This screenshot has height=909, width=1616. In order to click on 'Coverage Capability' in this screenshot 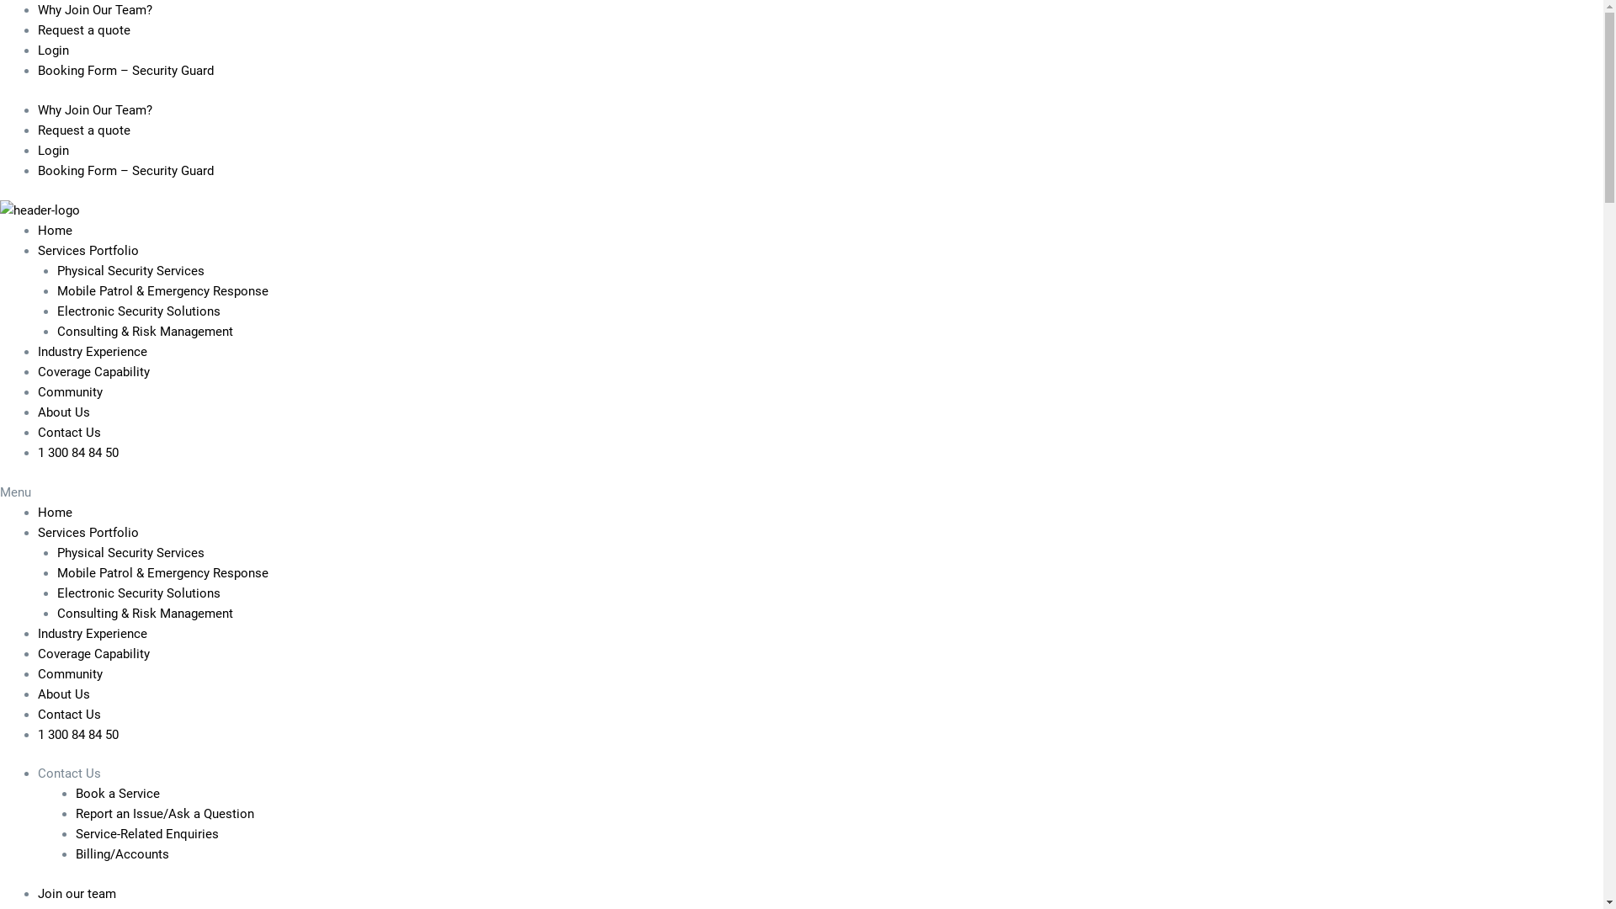, I will do `click(93, 371)`.